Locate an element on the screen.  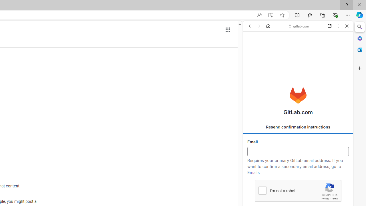
'Close Search pane' is located at coordinates (359, 27).